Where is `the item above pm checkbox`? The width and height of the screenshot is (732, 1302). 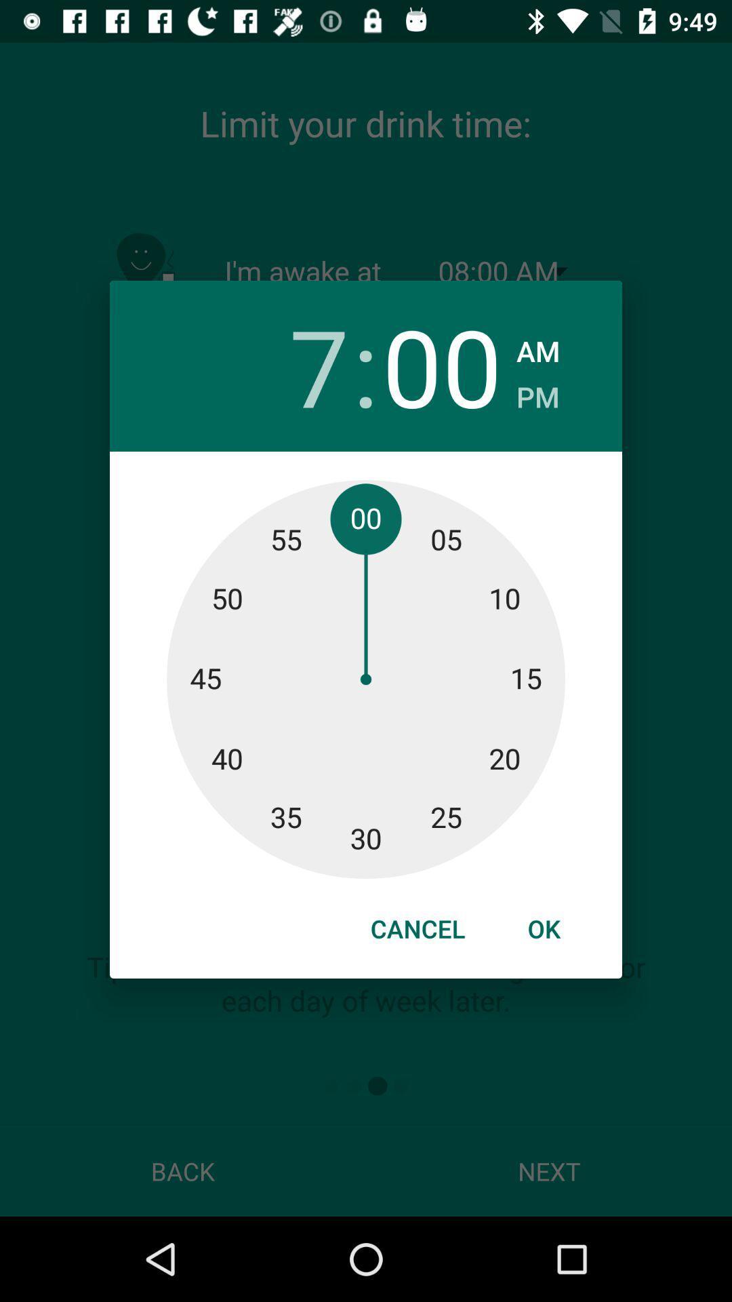 the item above pm checkbox is located at coordinates (537, 347).